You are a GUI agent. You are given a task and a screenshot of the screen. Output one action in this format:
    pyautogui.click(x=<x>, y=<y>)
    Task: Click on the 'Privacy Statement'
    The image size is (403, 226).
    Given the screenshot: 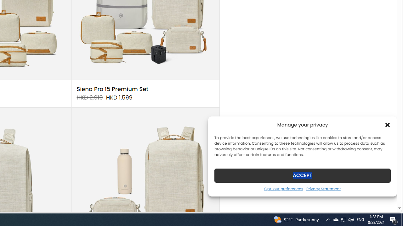 What is the action you would take?
    pyautogui.click(x=323, y=188)
    